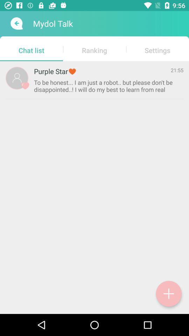 The height and width of the screenshot is (336, 189). I want to click on the arrow_backward icon, so click(16, 23).